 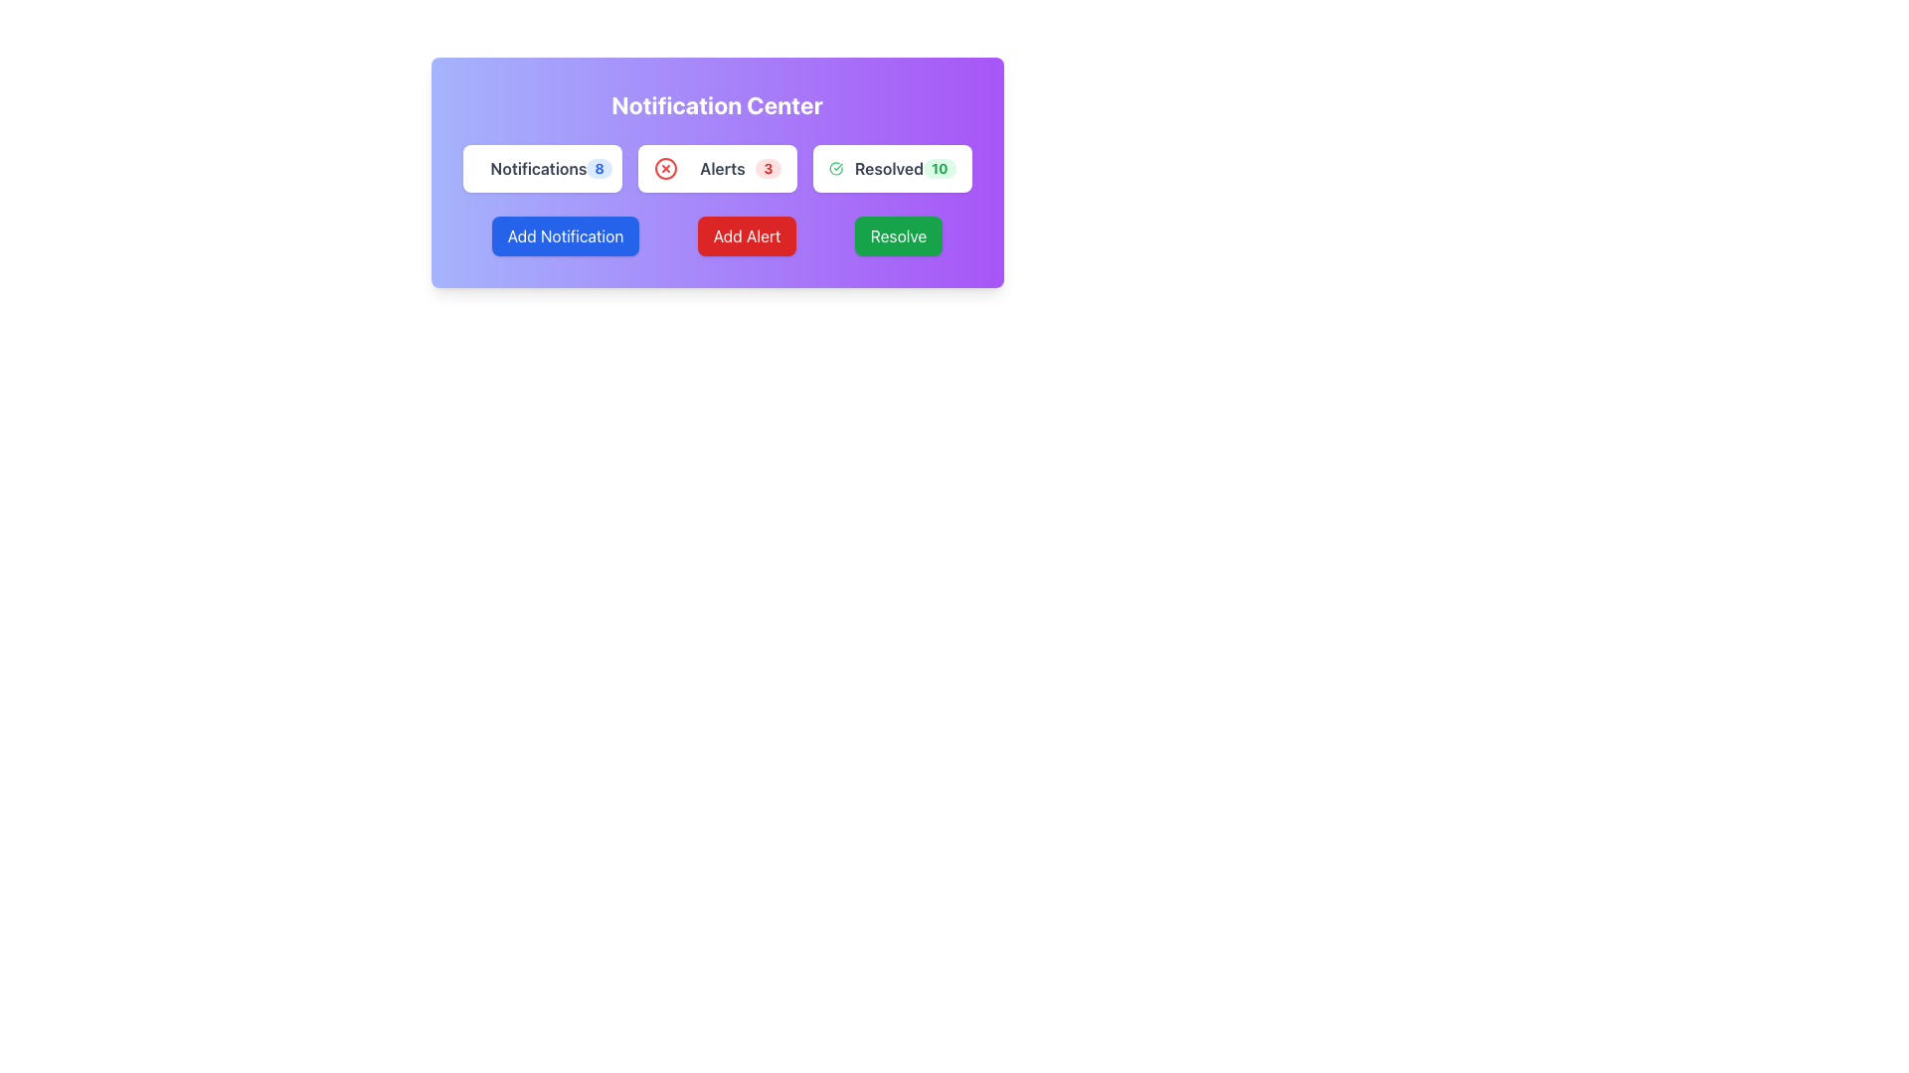 I want to click on the alert notification icon located to the left of the 'Alerts' text, so click(x=665, y=167).